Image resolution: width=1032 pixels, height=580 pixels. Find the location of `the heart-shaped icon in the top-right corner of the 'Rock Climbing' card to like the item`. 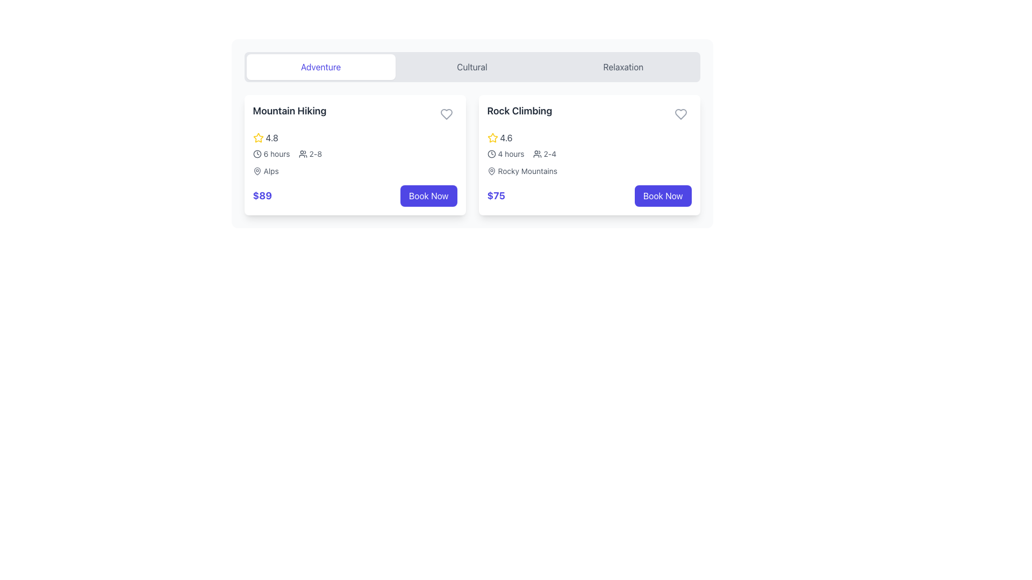

the heart-shaped icon in the top-right corner of the 'Rock Climbing' card to like the item is located at coordinates (680, 114).